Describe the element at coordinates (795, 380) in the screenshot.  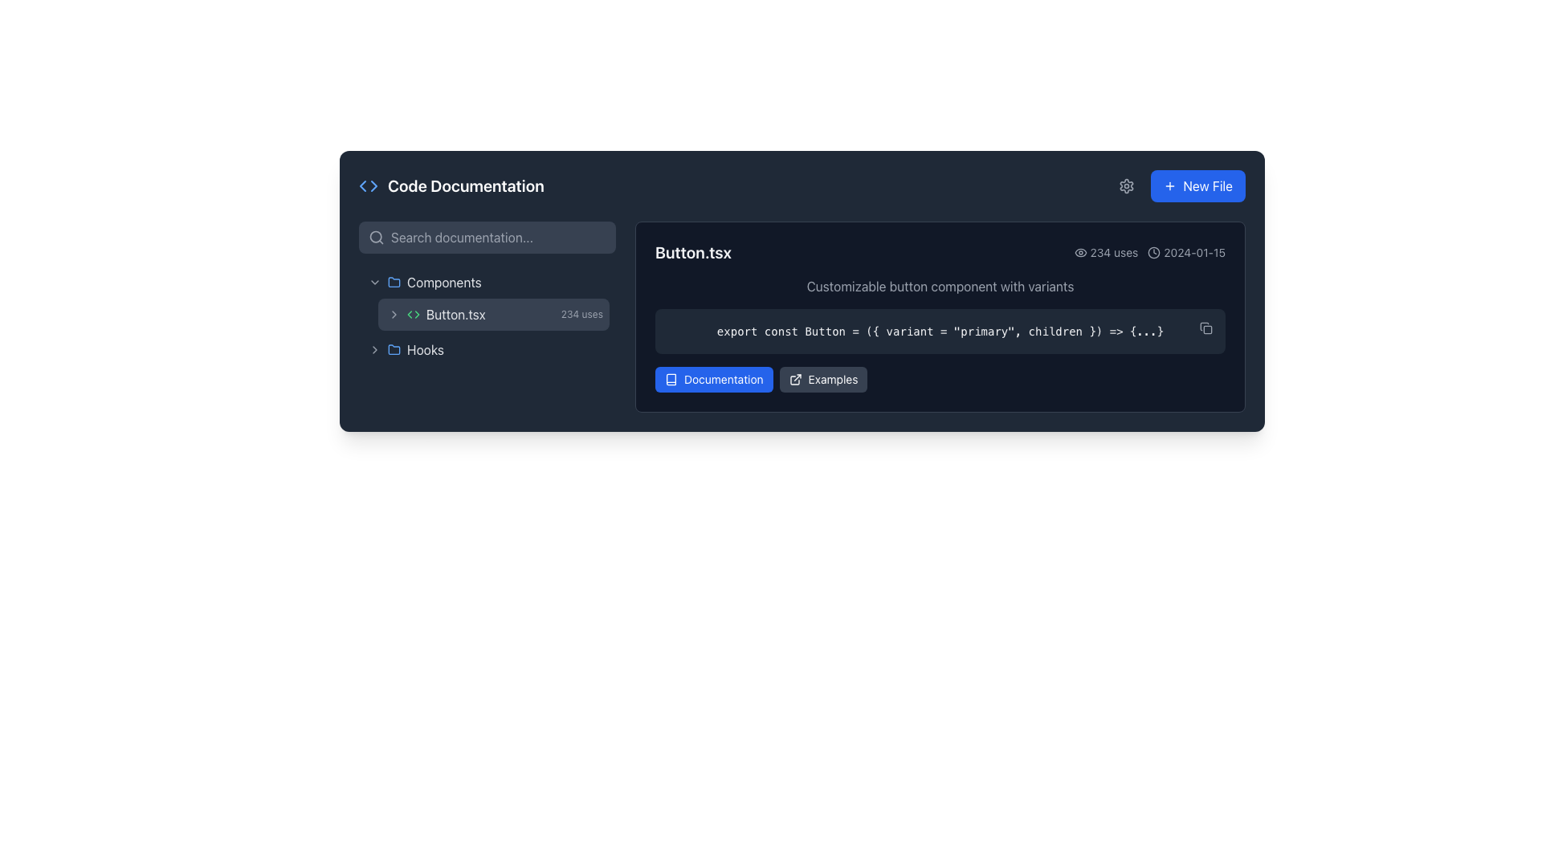
I see `the external link icon located within the 'Examples' button, which features an arrow pointing to the top-right` at that location.